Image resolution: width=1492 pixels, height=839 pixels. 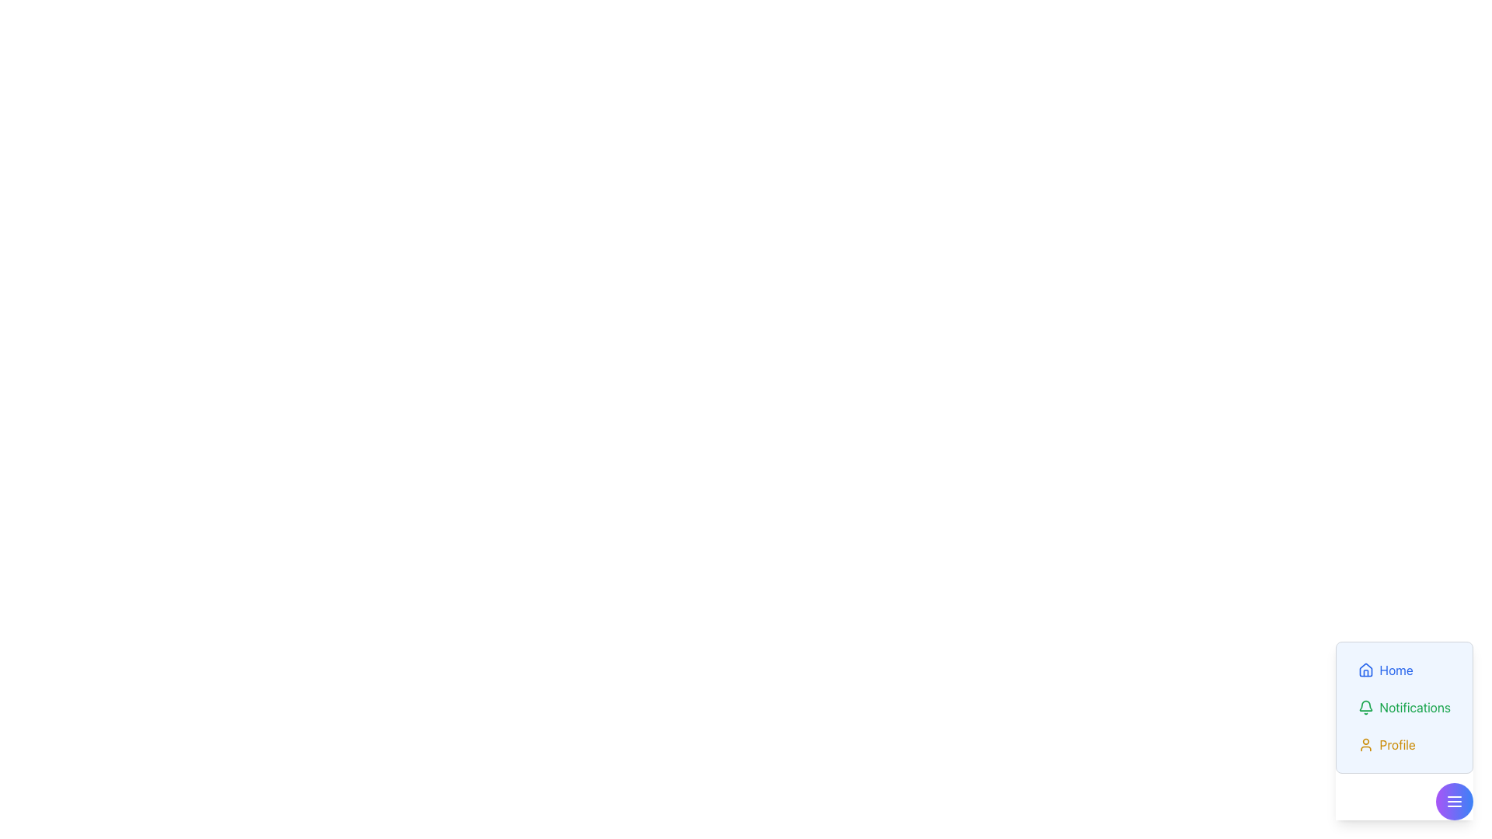 What do you see at coordinates (1365, 707) in the screenshot?
I see `the 'Notifications' icon` at bounding box center [1365, 707].